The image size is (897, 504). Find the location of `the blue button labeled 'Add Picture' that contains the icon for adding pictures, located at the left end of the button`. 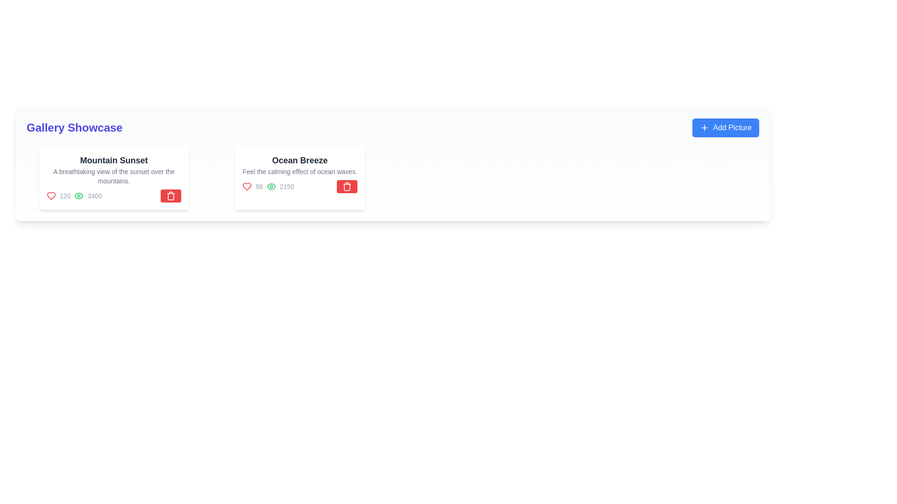

the blue button labeled 'Add Picture' that contains the icon for adding pictures, located at the left end of the button is located at coordinates (705, 127).